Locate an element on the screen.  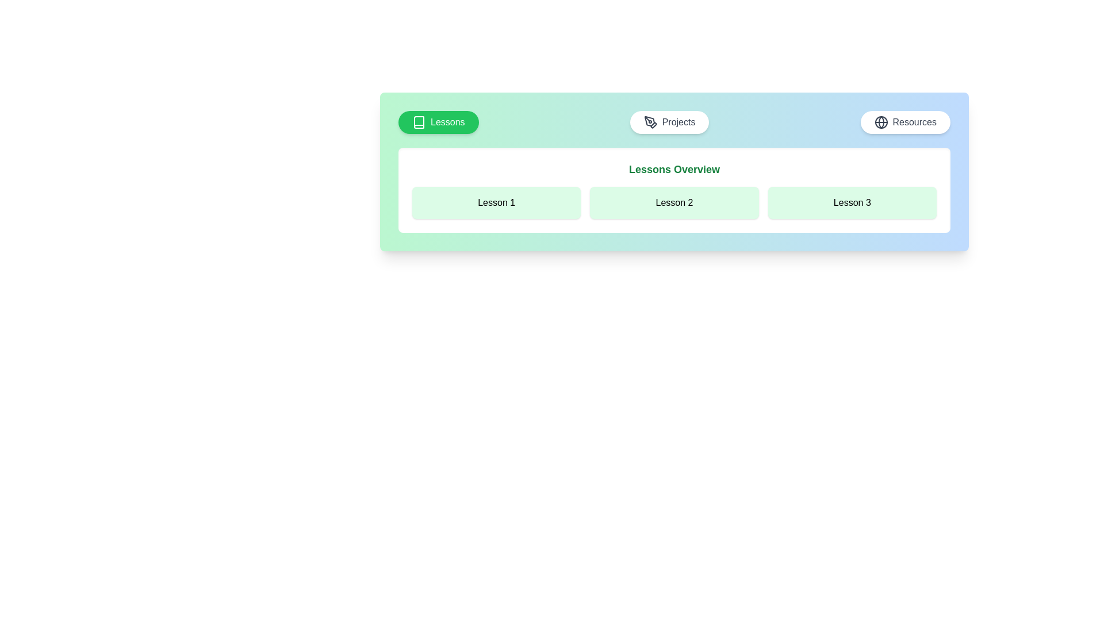
the globe icon representing the 'Resources' button is located at coordinates (880, 122).